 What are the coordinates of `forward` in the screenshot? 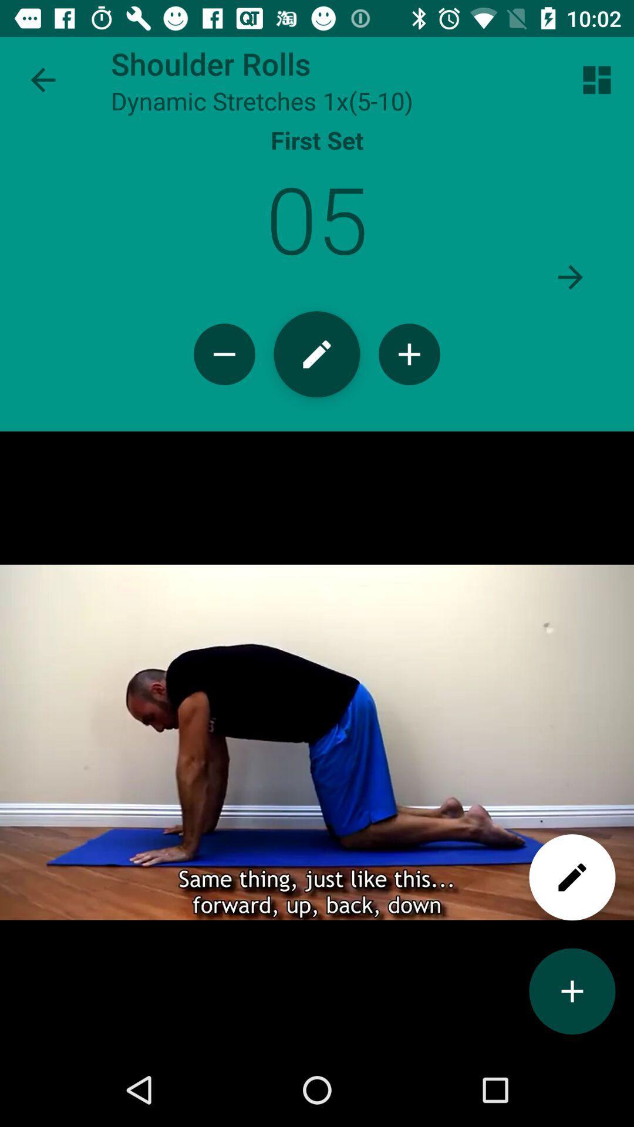 It's located at (570, 276).